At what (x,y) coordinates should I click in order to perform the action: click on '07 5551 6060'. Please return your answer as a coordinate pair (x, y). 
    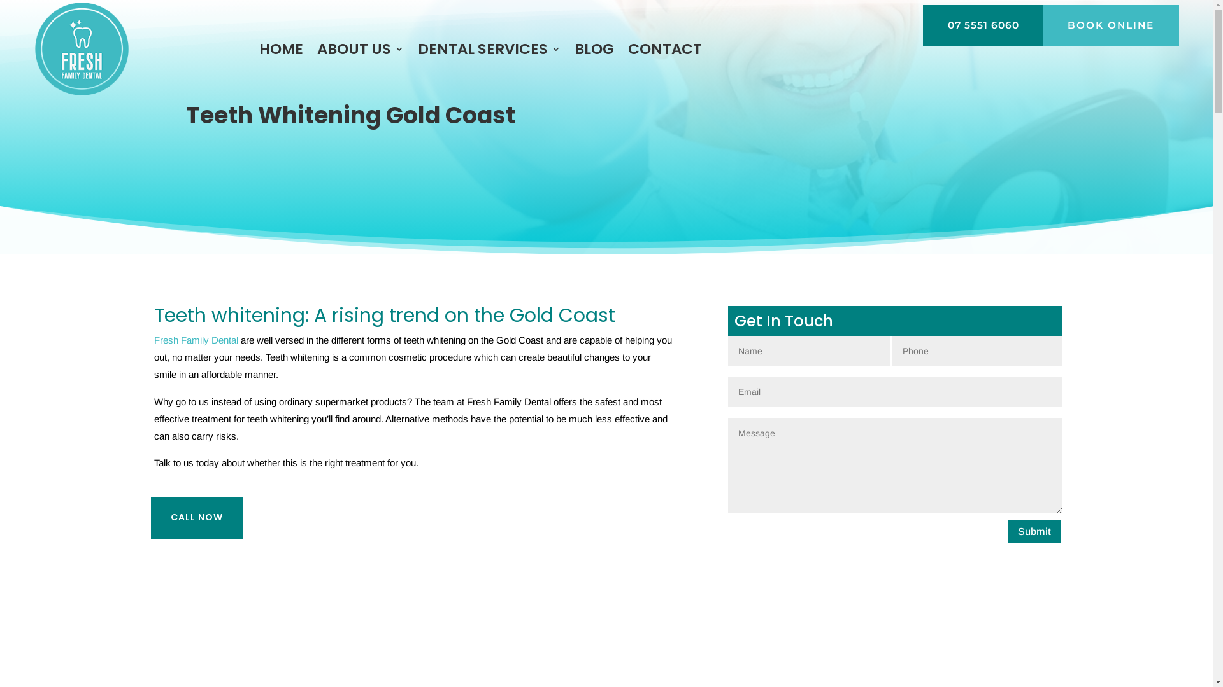
    Looking at the image, I should click on (982, 25).